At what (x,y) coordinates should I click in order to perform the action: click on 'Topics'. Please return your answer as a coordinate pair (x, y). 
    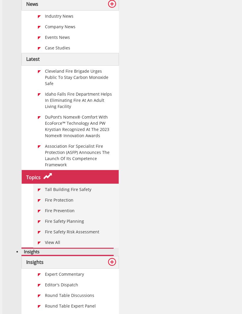
    Looking at the image, I should click on (34, 177).